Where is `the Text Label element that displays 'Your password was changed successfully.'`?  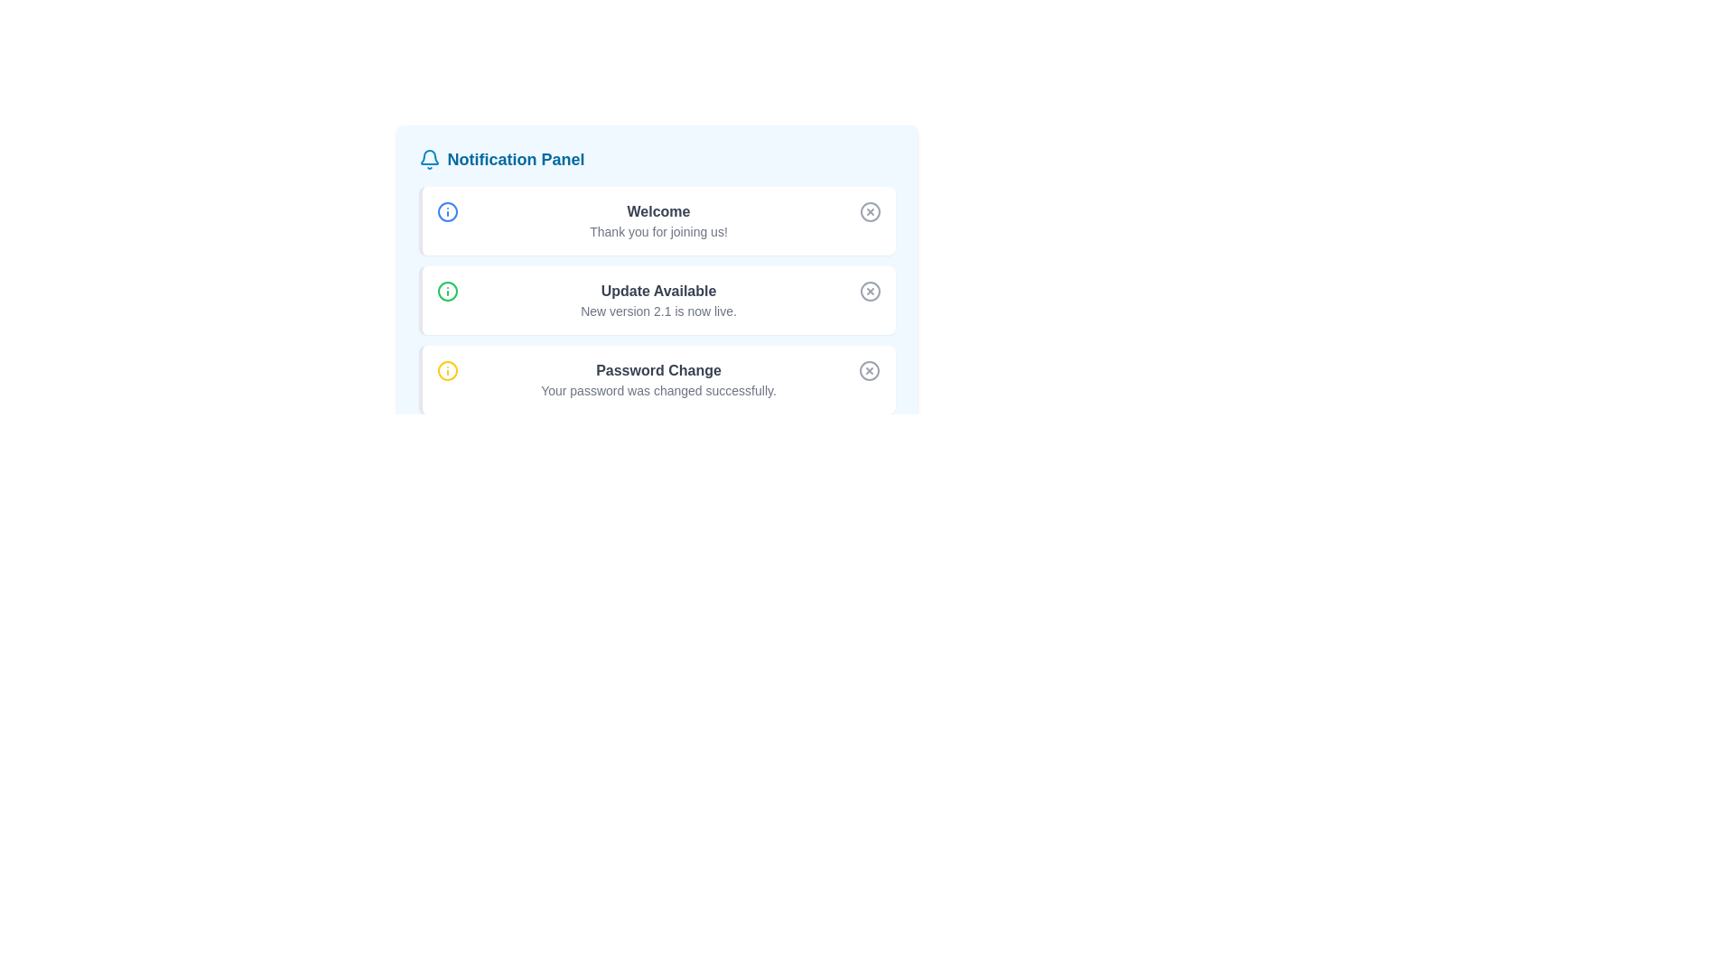
the Text Label element that displays 'Your password was changed successfully.' is located at coordinates (657, 389).